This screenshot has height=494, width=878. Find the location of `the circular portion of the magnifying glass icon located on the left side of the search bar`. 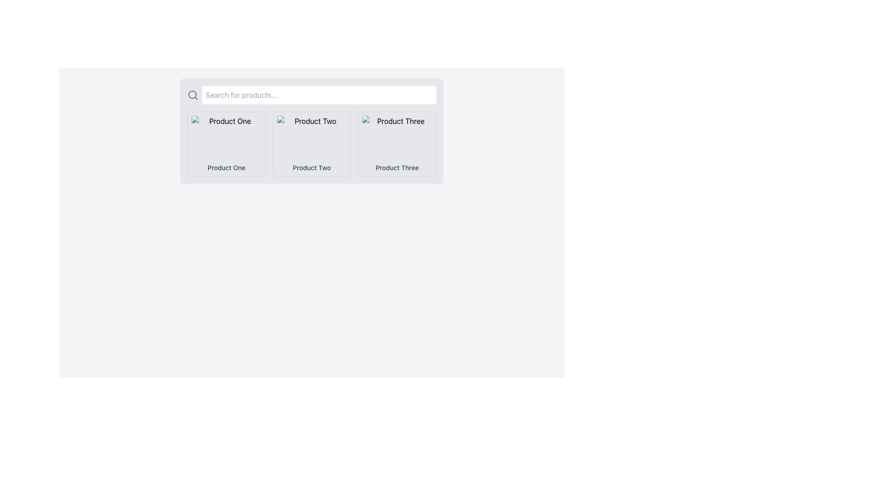

the circular portion of the magnifying glass icon located on the left side of the search bar is located at coordinates (192, 95).